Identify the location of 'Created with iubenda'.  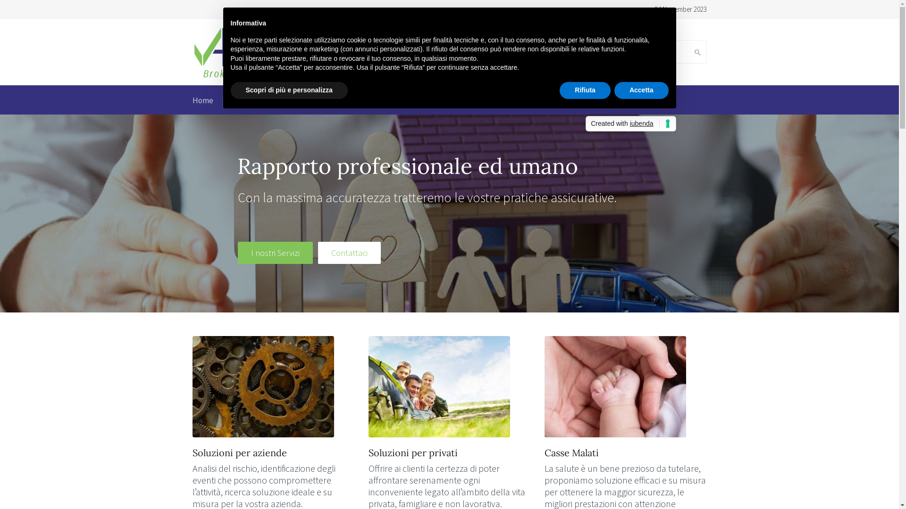
(630, 123).